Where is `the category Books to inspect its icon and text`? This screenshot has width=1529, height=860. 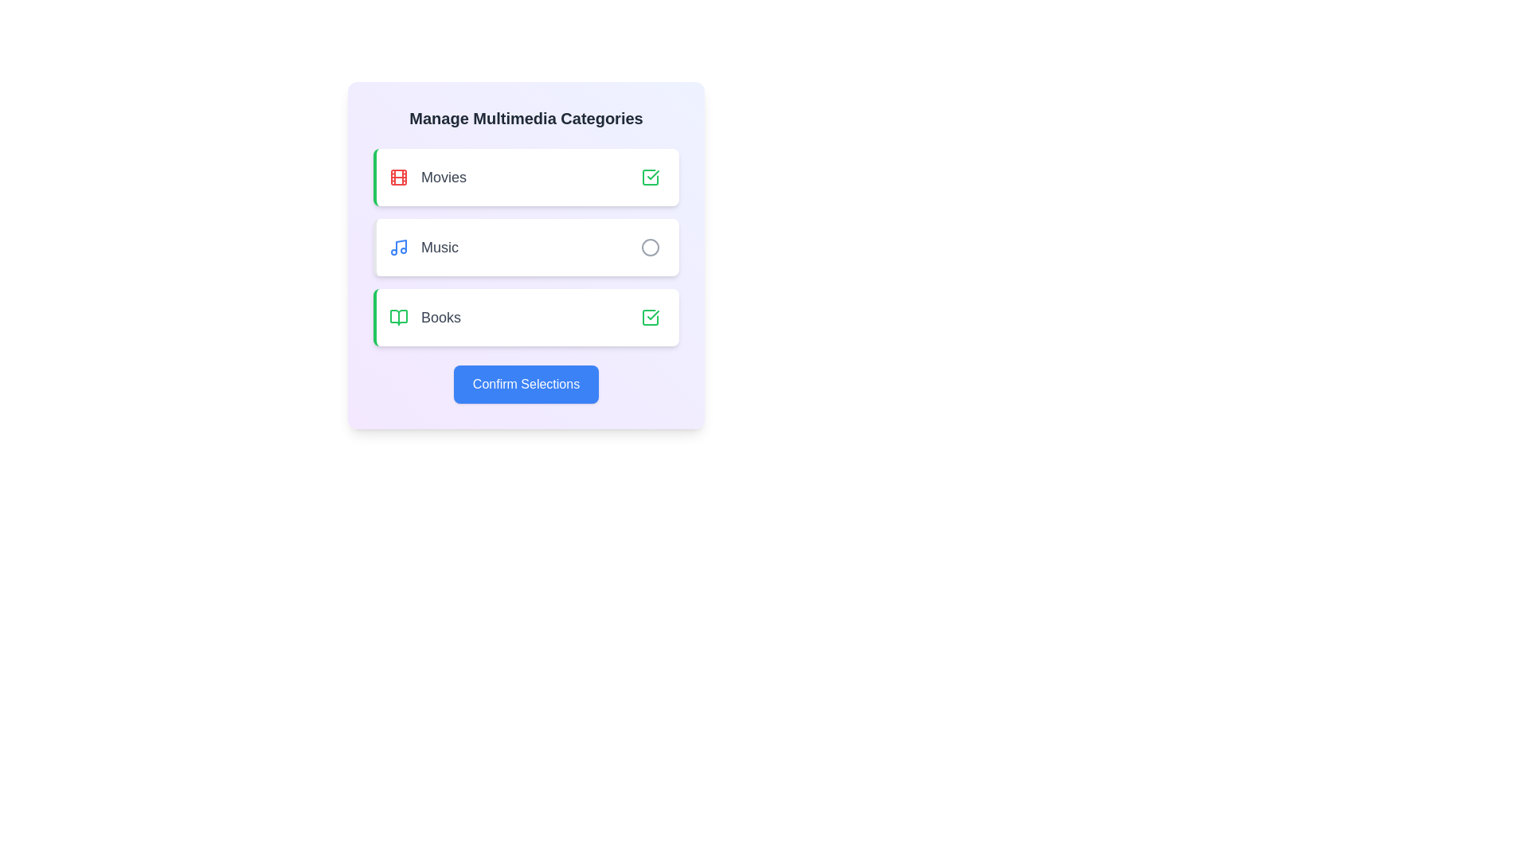 the category Books to inspect its icon and text is located at coordinates (526, 317).